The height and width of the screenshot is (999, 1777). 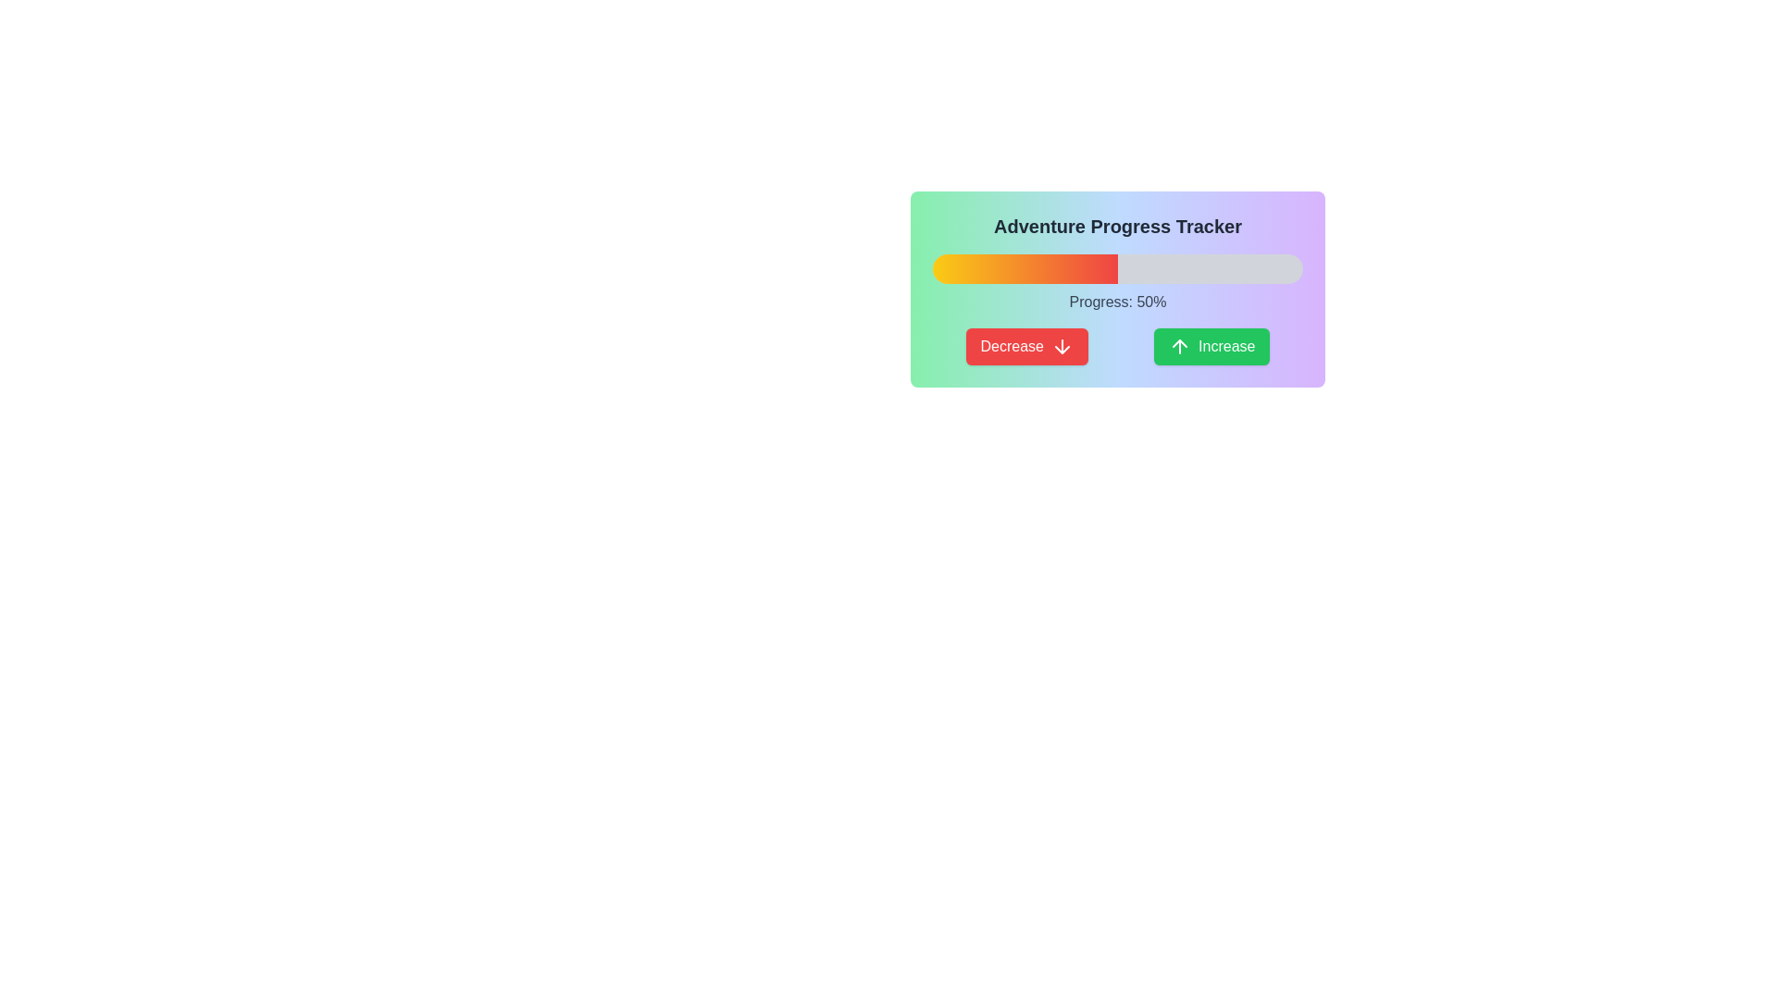 I want to click on the static text label that indicates the current progress value, located below the progress bar in the 'Adventure Progress Tracker' panel, so click(x=1117, y=302).